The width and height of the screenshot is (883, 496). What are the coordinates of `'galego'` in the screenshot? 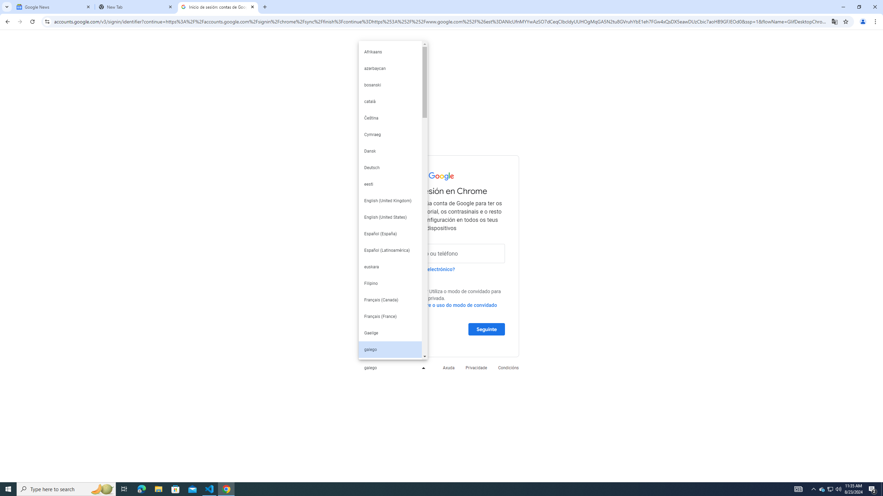 It's located at (390, 349).